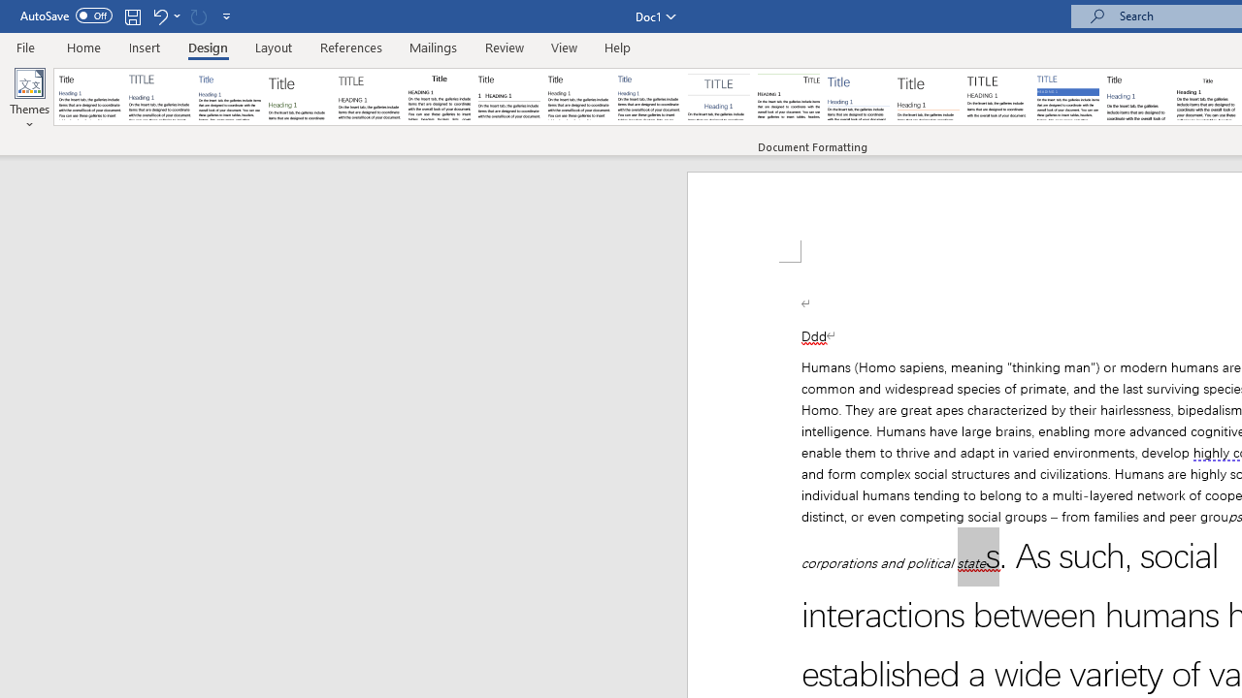 This screenshot has height=698, width=1242. Describe the element at coordinates (299, 97) in the screenshot. I see `'Basic (Stylish)'` at that location.